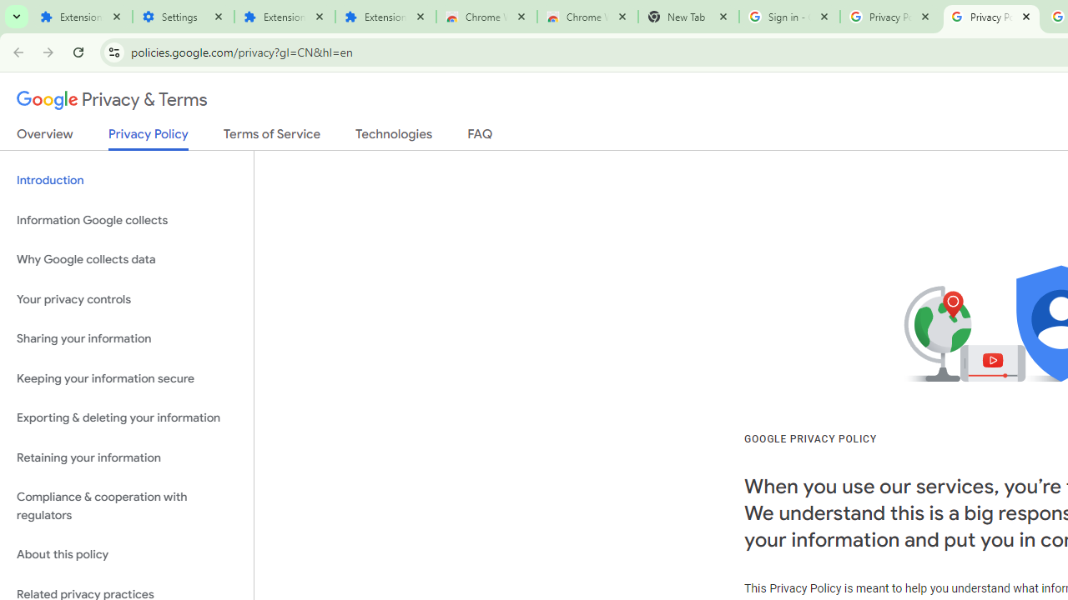  What do you see at coordinates (126, 181) in the screenshot?
I see `'Introduction'` at bounding box center [126, 181].